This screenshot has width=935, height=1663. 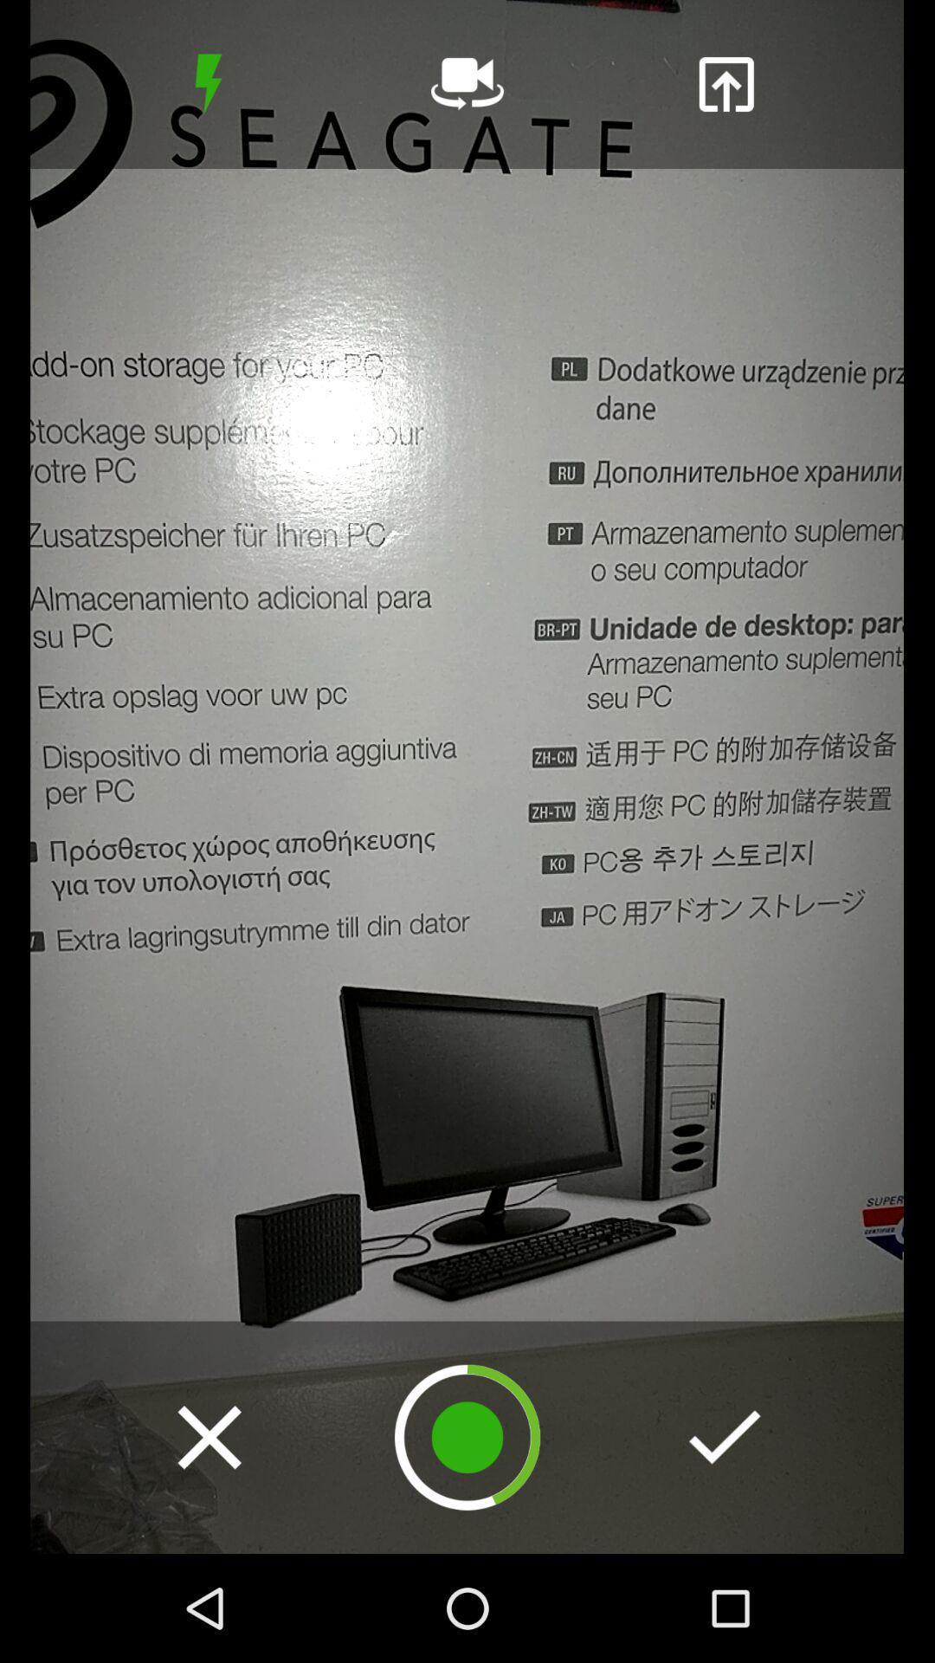 I want to click on take picture, so click(x=467, y=1437).